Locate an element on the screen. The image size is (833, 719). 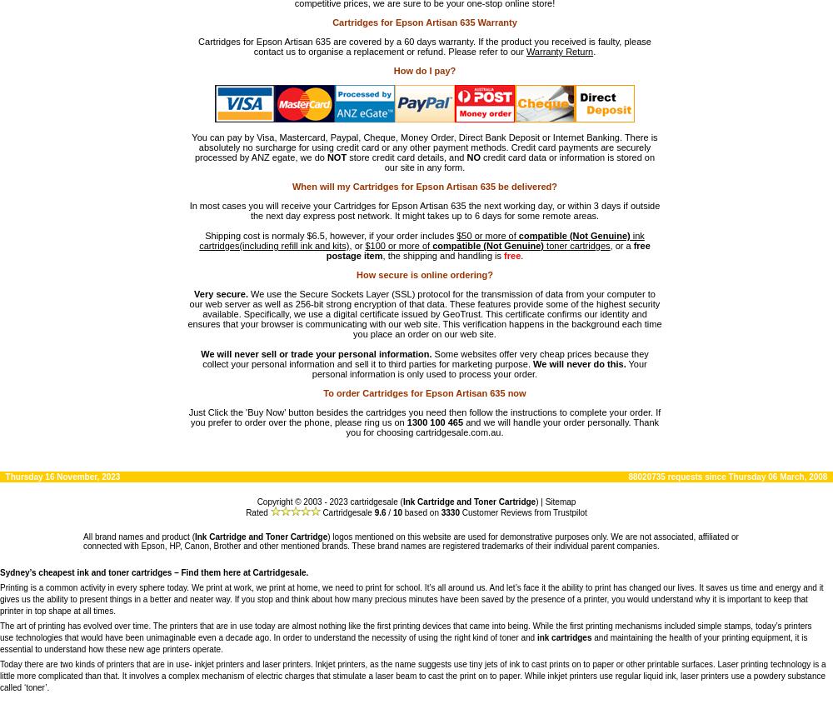
'toner cartridges' is located at coordinates (576, 244).